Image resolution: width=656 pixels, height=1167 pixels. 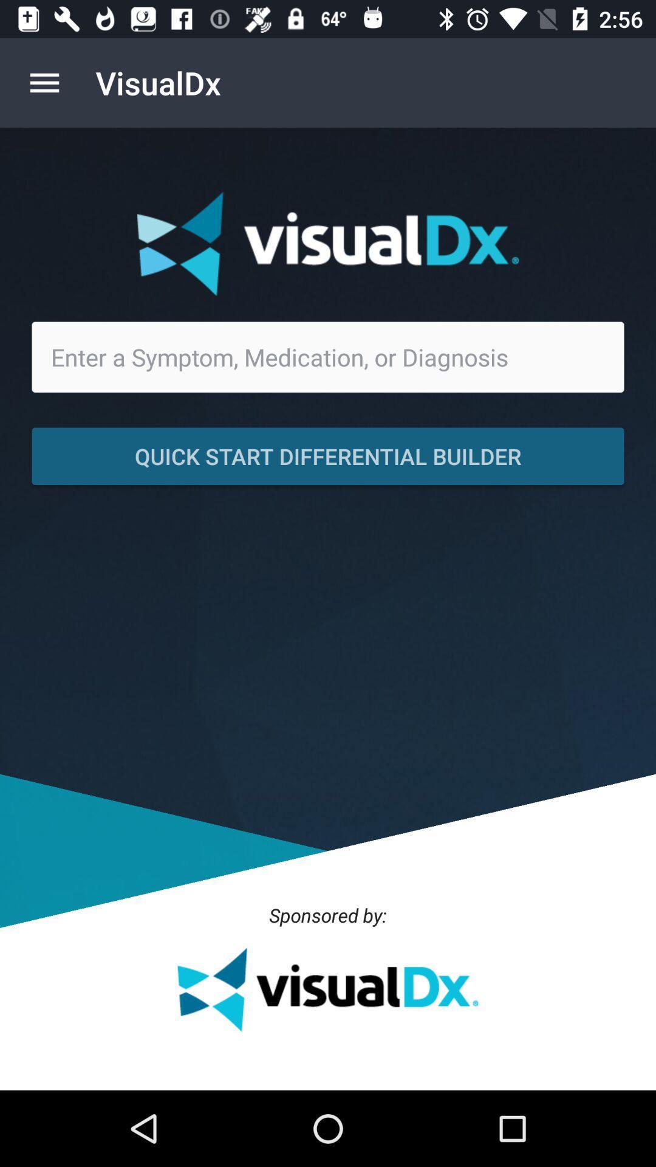 I want to click on search bar, so click(x=328, y=356).